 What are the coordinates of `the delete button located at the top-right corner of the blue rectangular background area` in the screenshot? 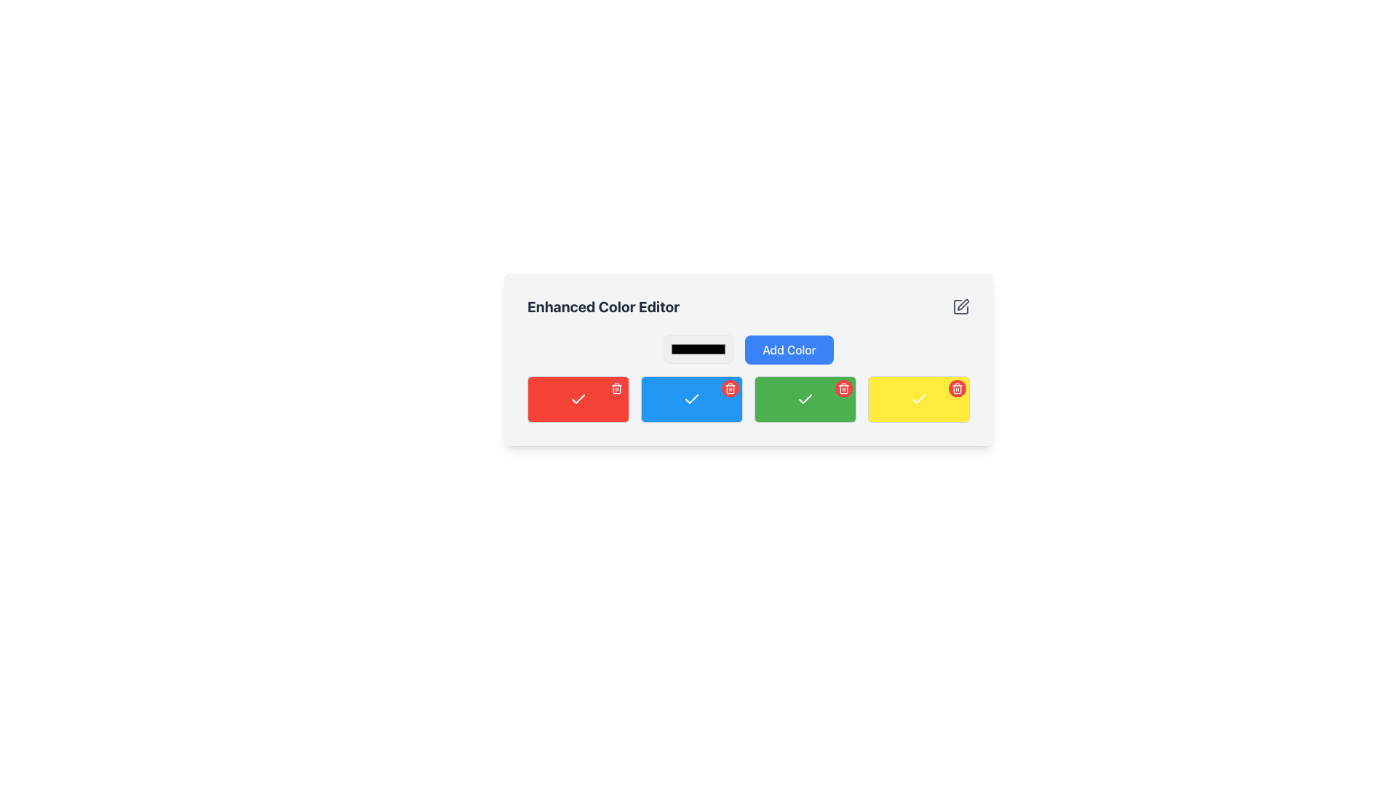 It's located at (730, 387).